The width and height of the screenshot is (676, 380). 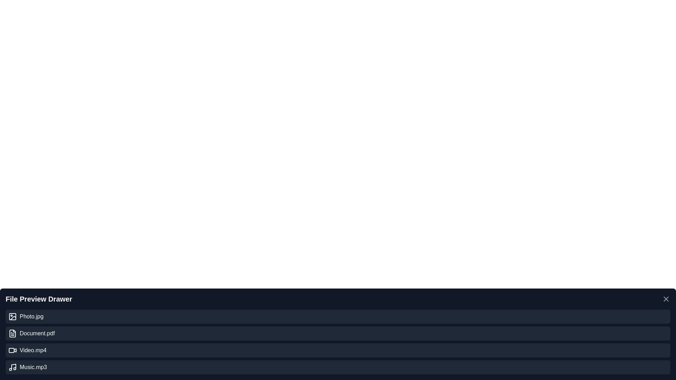 I want to click on the close button located at the top-right corner of the 'File Preview Drawer' to trigger a visual change, so click(x=665, y=299).